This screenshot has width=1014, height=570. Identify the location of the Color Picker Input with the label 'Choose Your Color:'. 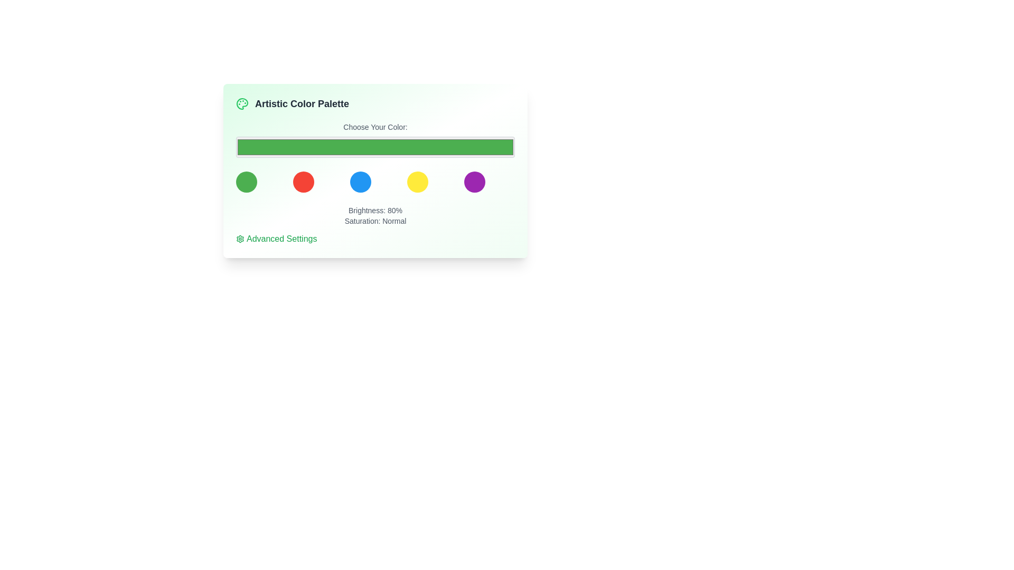
(375, 140).